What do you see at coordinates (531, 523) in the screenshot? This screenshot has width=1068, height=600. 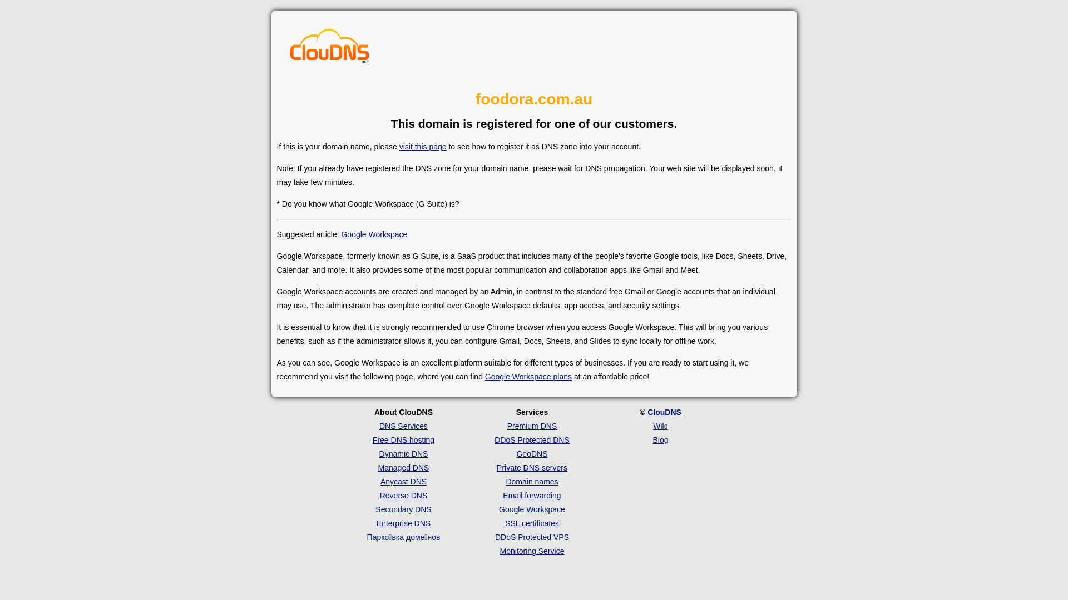 I see `'SSL certificates'` at bounding box center [531, 523].